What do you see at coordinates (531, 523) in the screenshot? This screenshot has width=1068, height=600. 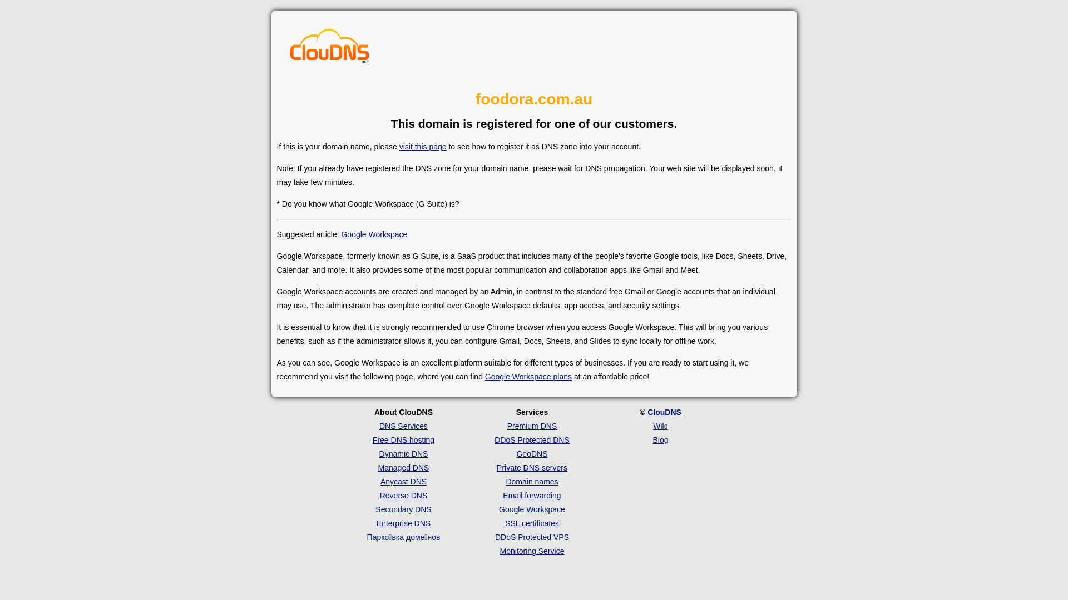 I see `'SSL certificates'` at bounding box center [531, 523].